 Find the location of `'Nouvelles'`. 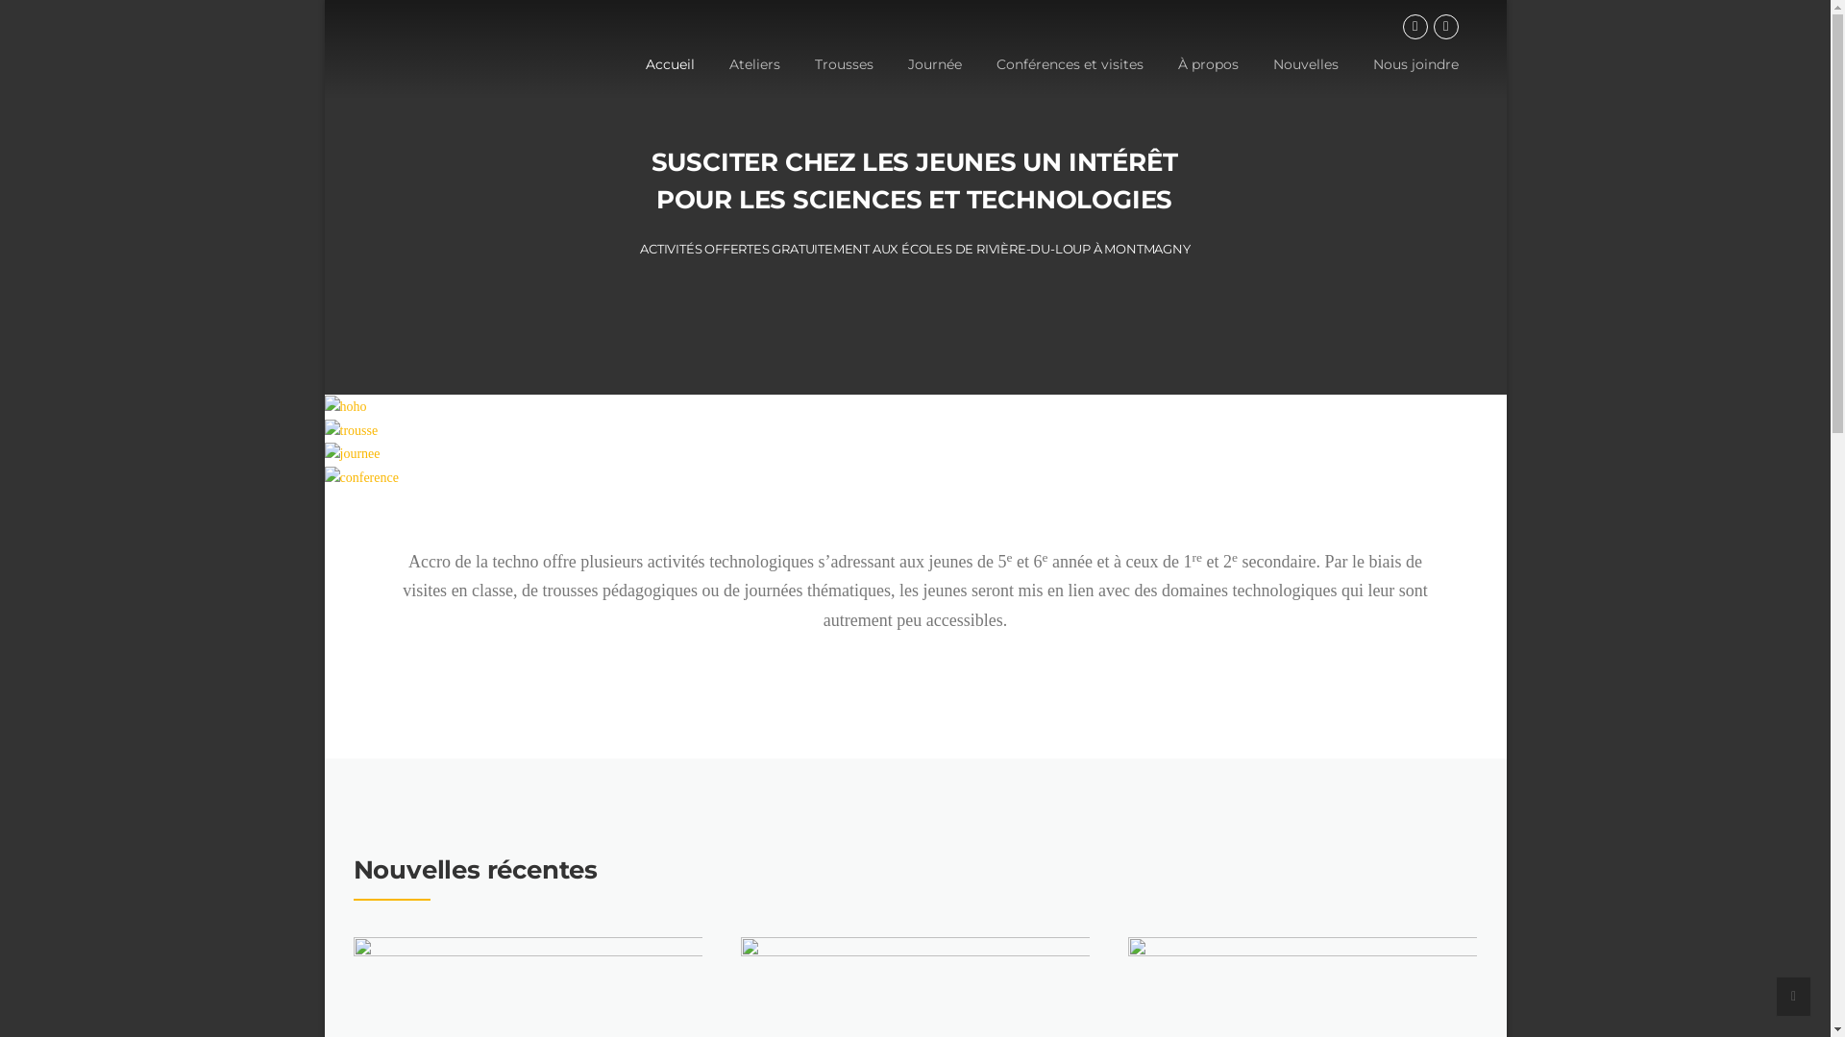

'Nouvelles' is located at coordinates (1305, 79).